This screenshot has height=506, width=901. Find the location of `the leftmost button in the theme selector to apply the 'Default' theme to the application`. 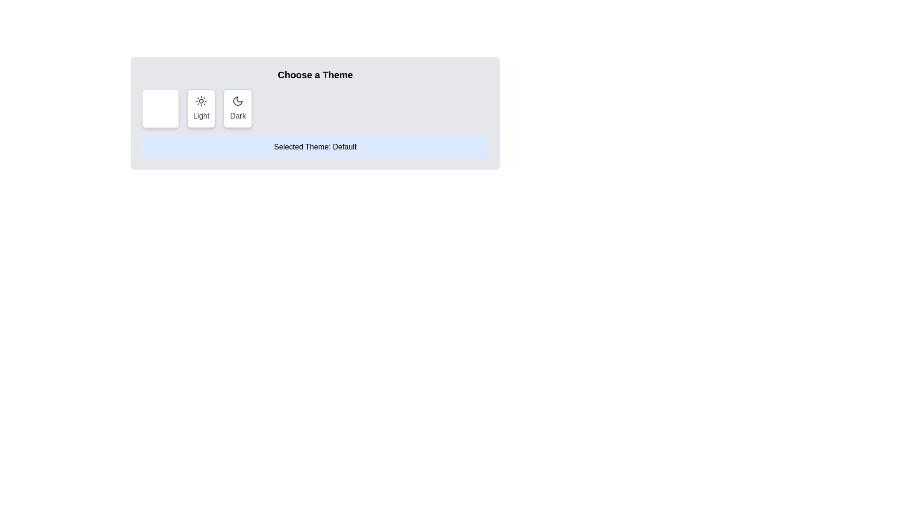

the leftmost button in the theme selector to apply the 'Default' theme to the application is located at coordinates (160, 108).